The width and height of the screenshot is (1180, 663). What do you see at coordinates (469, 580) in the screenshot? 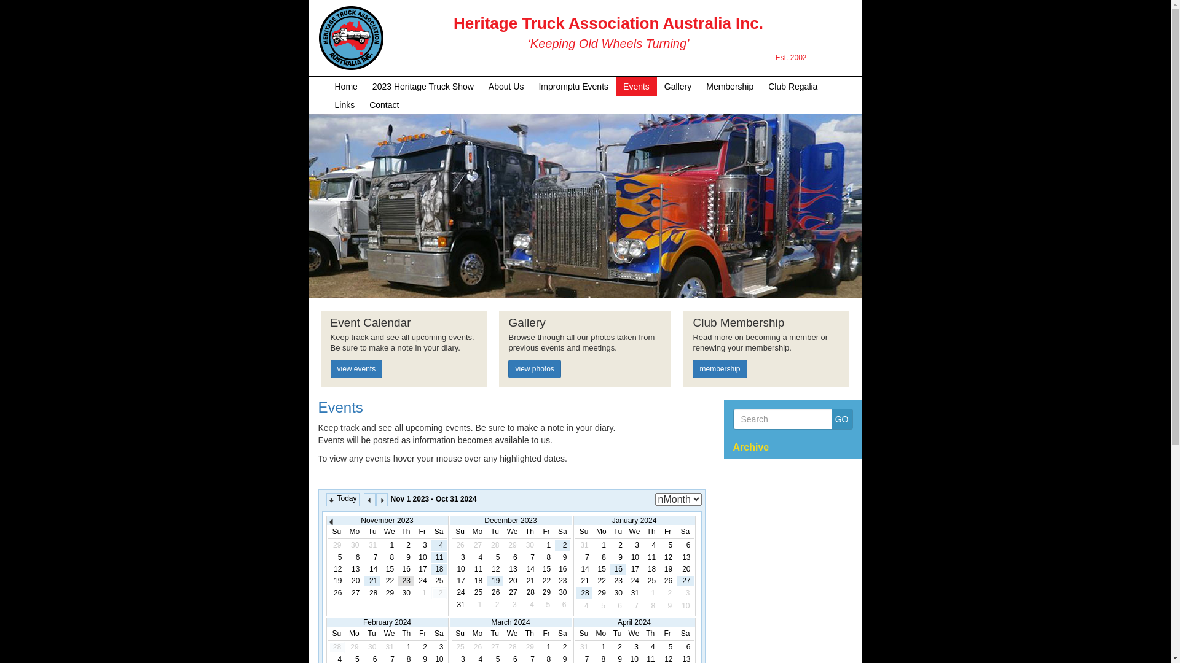
I see `'18'` at bounding box center [469, 580].